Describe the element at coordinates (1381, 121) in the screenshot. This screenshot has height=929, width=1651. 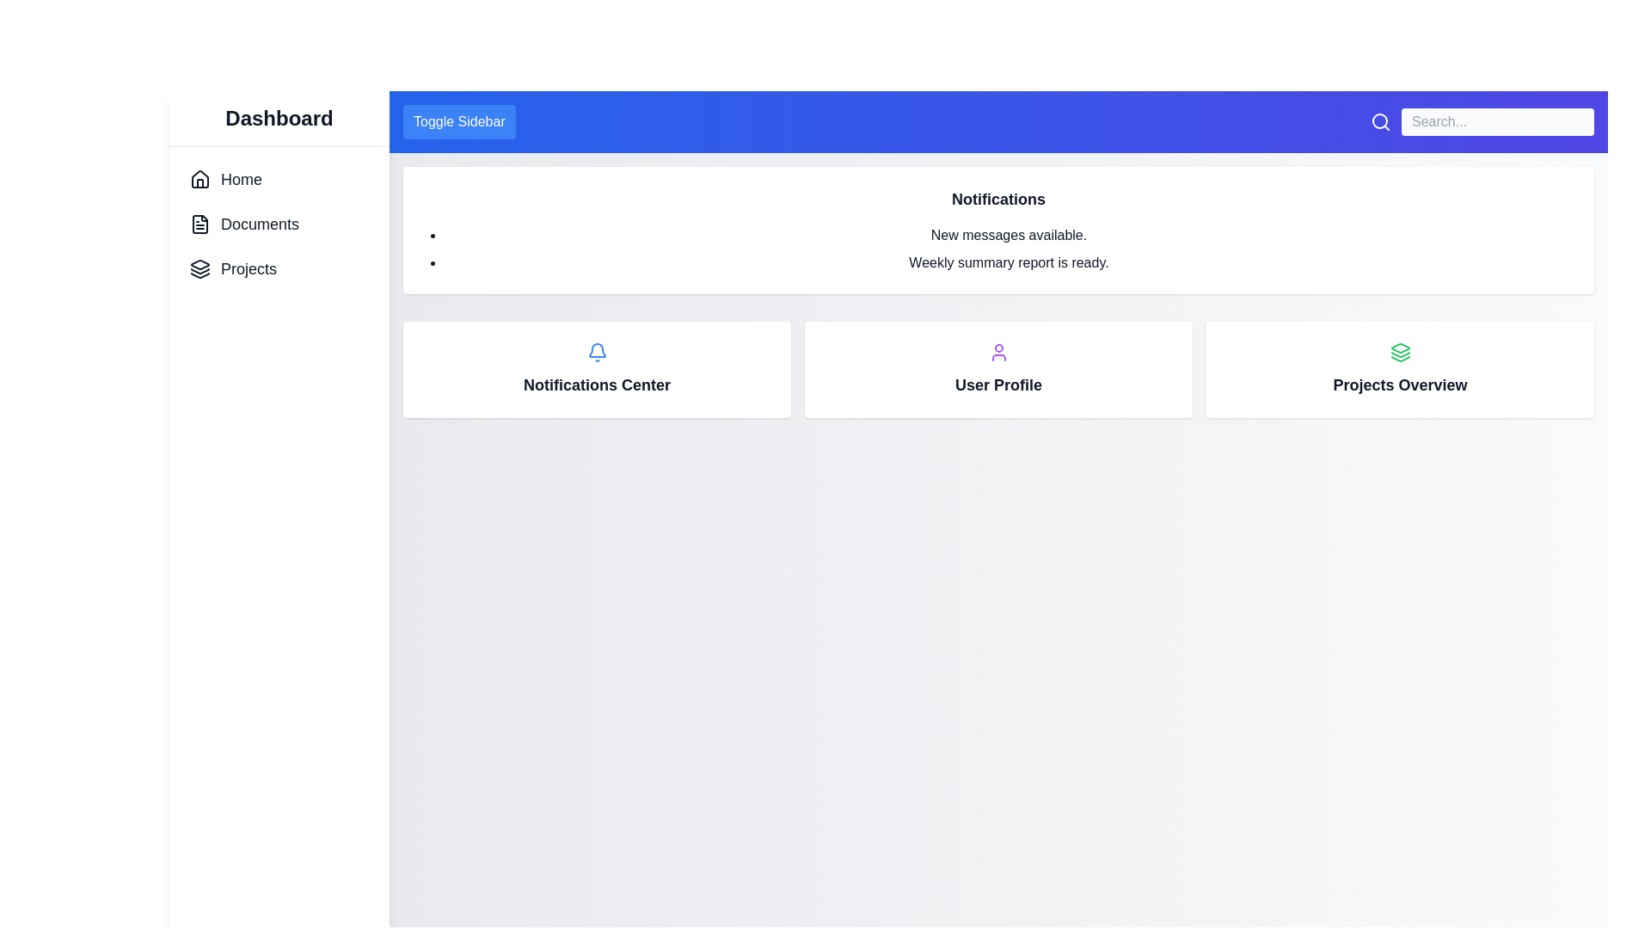
I see `the search icon, which is a modern SVG icon resembling a magnifying glass, located on the blue header bar to the left of the search input field` at that location.